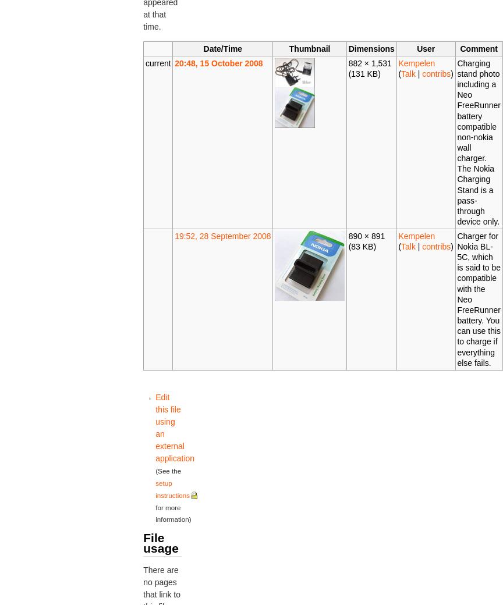 The image size is (503, 605). What do you see at coordinates (155, 488) in the screenshot?
I see `'setup instructions'` at bounding box center [155, 488].